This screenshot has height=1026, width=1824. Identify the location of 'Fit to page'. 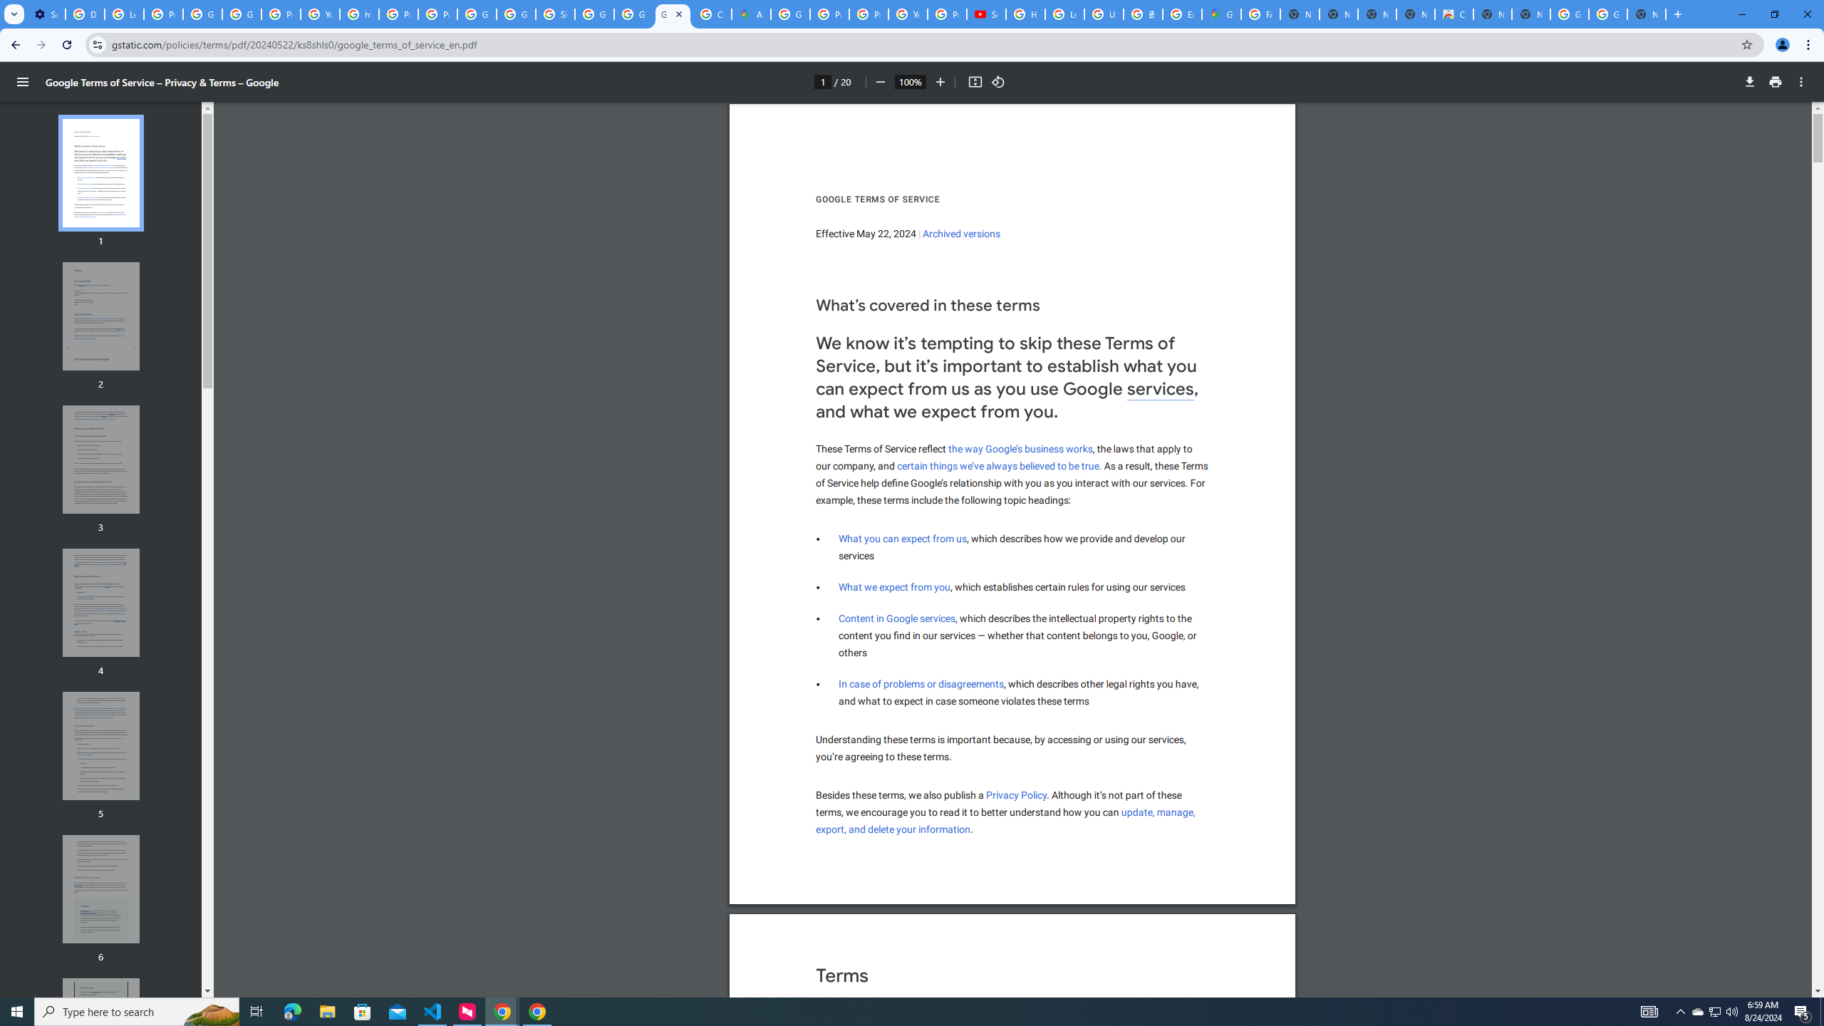
(974, 81).